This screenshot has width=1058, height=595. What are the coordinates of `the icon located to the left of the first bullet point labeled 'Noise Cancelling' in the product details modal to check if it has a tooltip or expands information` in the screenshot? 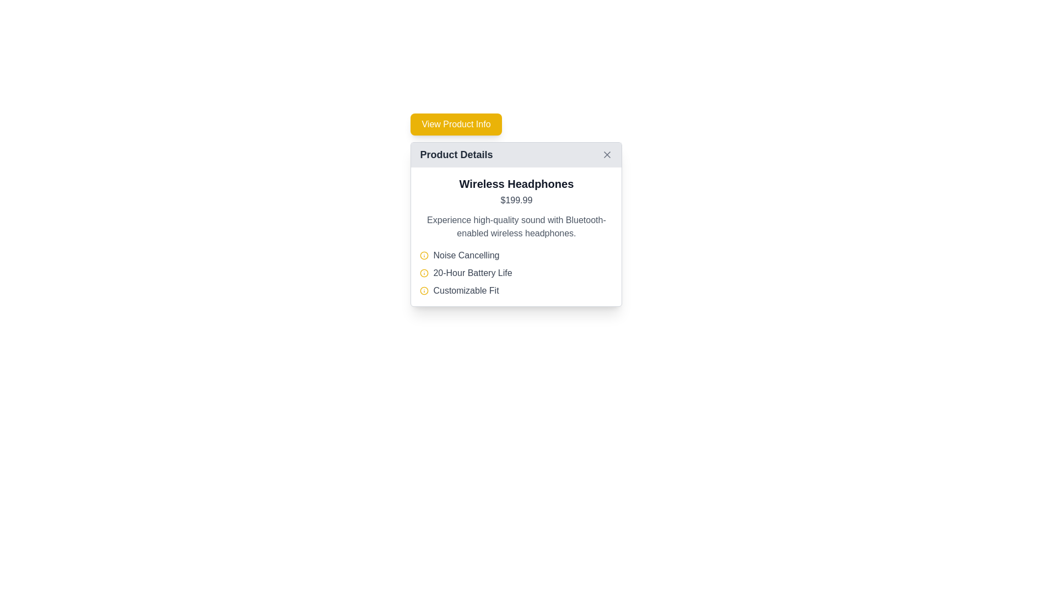 It's located at (424, 255).